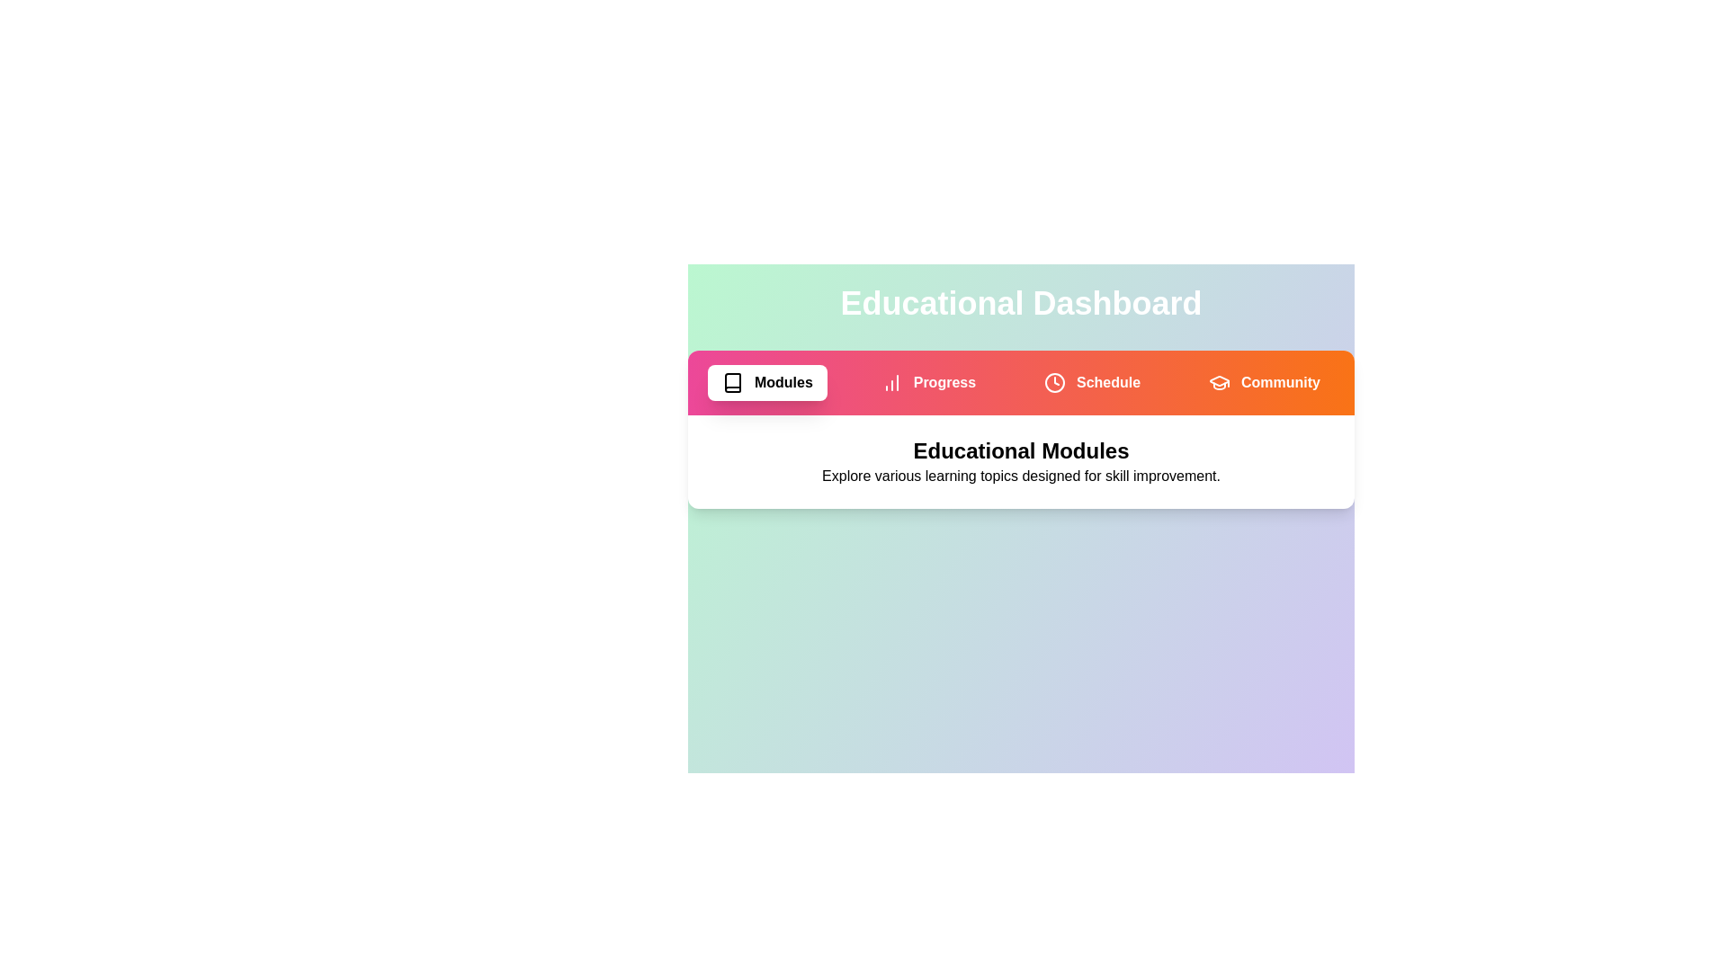 This screenshot has height=971, width=1727. What do you see at coordinates (1220, 381) in the screenshot?
I see `the button that contains the outlined graduation cap icon, which is located to the left of the text 'Community' in the horizontal menu bar` at bounding box center [1220, 381].